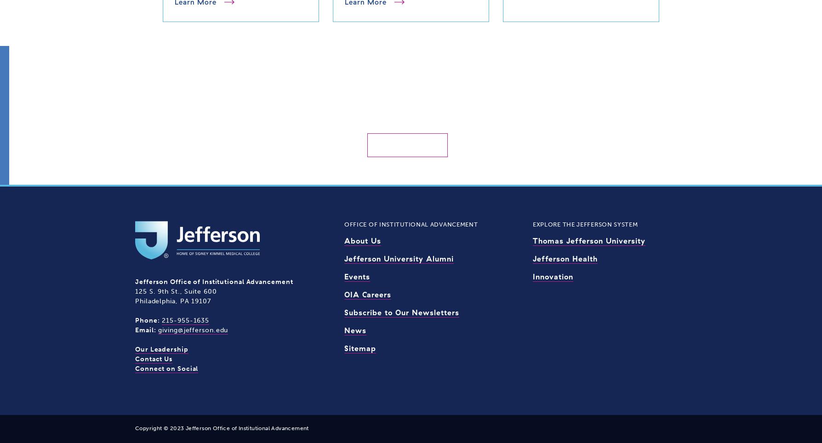  What do you see at coordinates (398, 258) in the screenshot?
I see `'Jefferson University Alumni'` at bounding box center [398, 258].